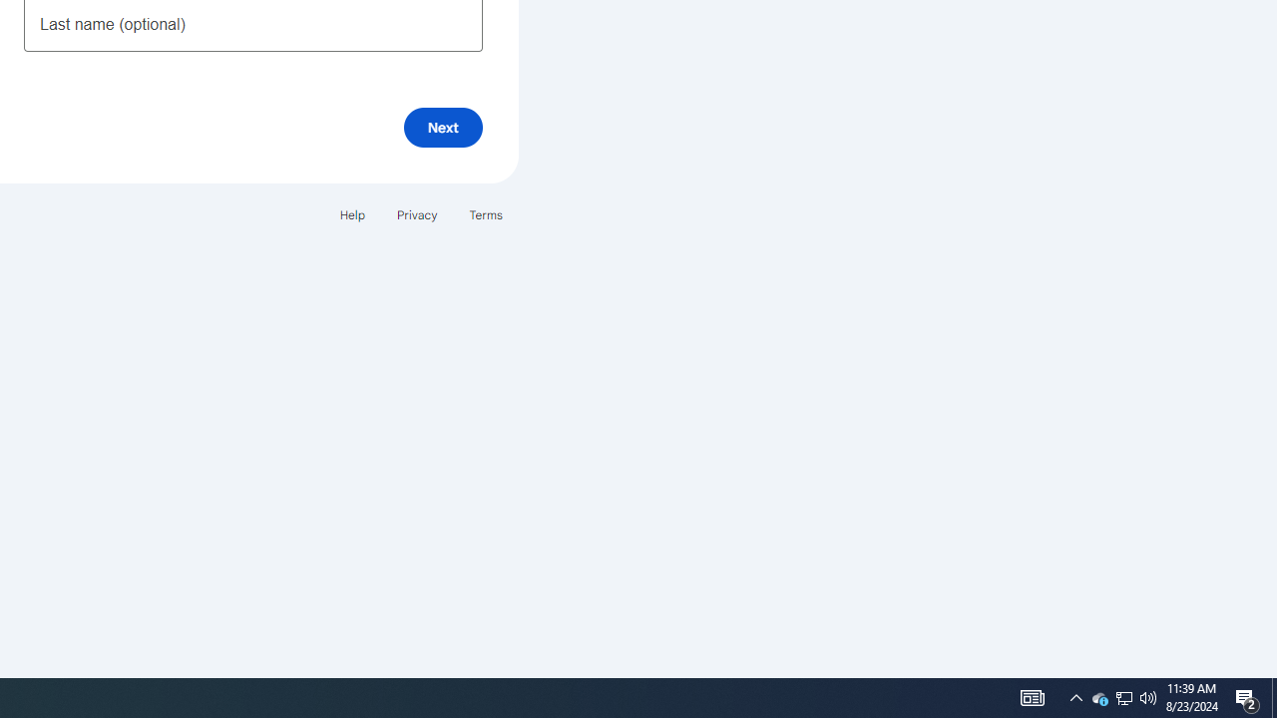 Image resolution: width=1277 pixels, height=718 pixels. What do you see at coordinates (442, 127) in the screenshot?
I see `'Next'` at bounding box center [442, 127].